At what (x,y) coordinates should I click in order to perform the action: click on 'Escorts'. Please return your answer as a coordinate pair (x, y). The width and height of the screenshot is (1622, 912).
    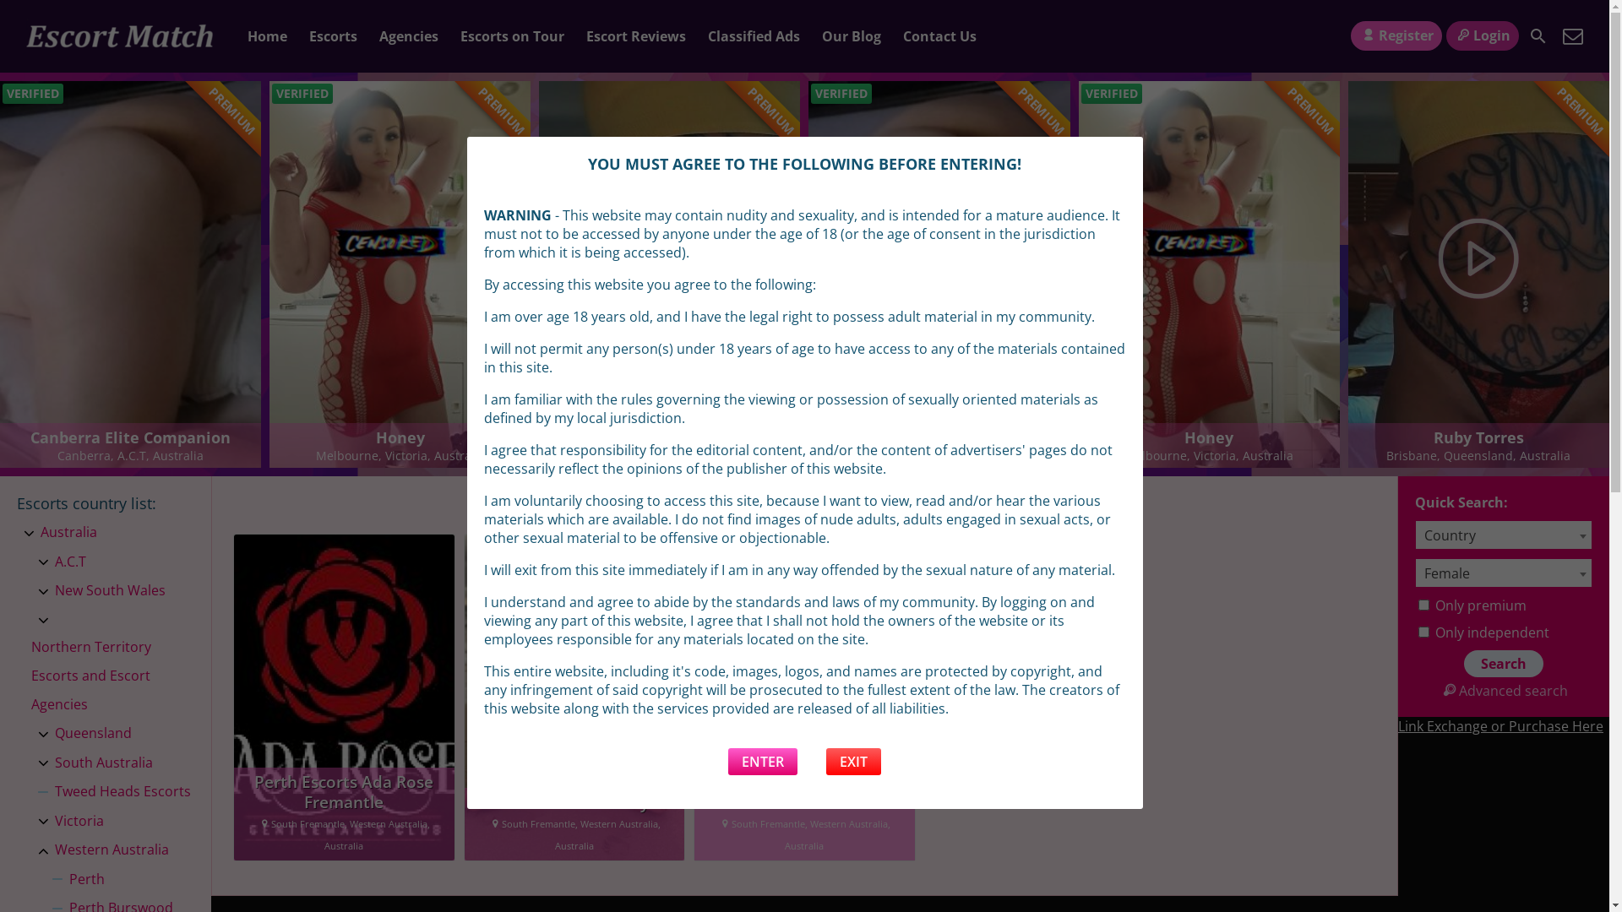
    Looking at the image, I should click on (298, 36).